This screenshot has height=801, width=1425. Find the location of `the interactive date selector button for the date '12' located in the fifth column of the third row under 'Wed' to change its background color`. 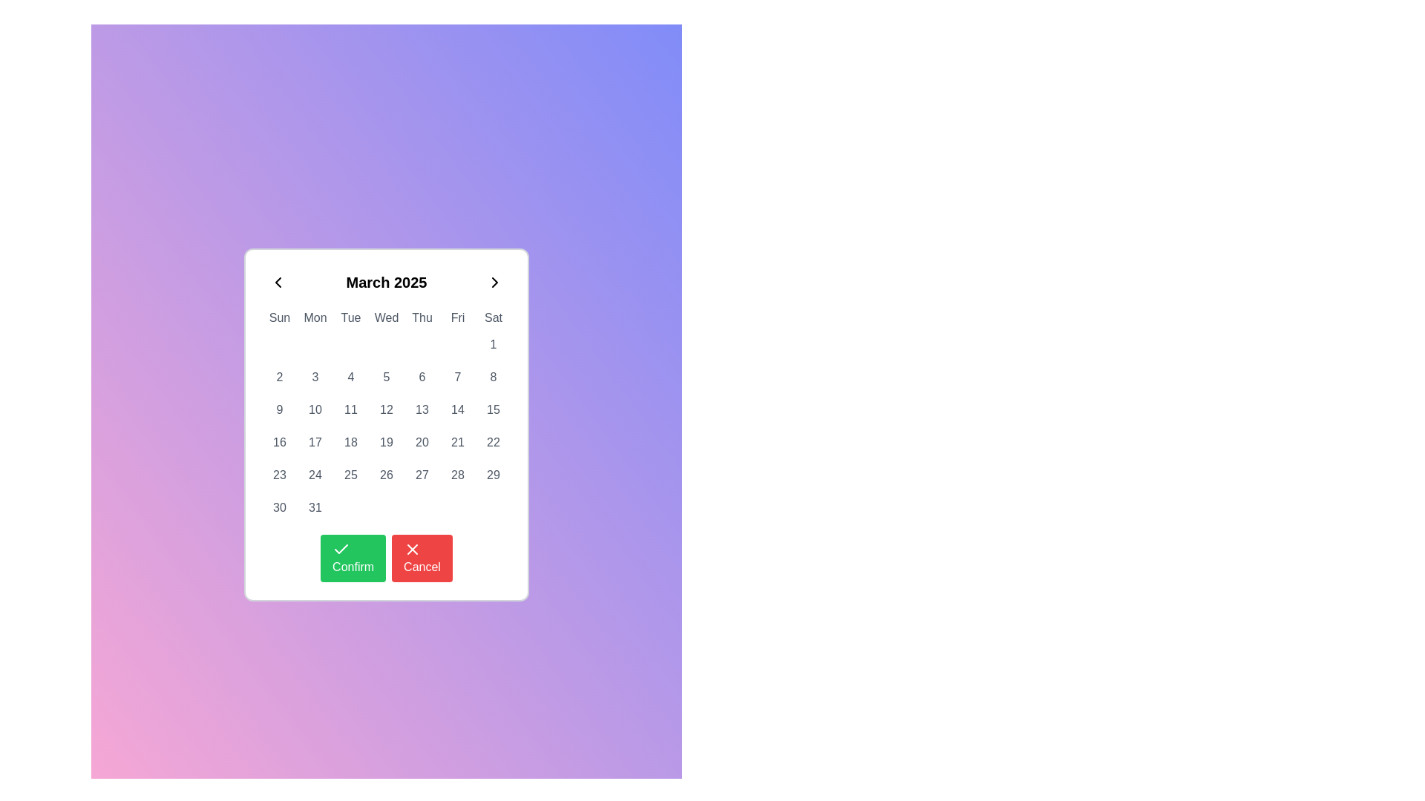

the interactive date selector button for the date '12' located in the fifth column of the third row under 'Wed' to change its background color is located at coordinates (387, 409).